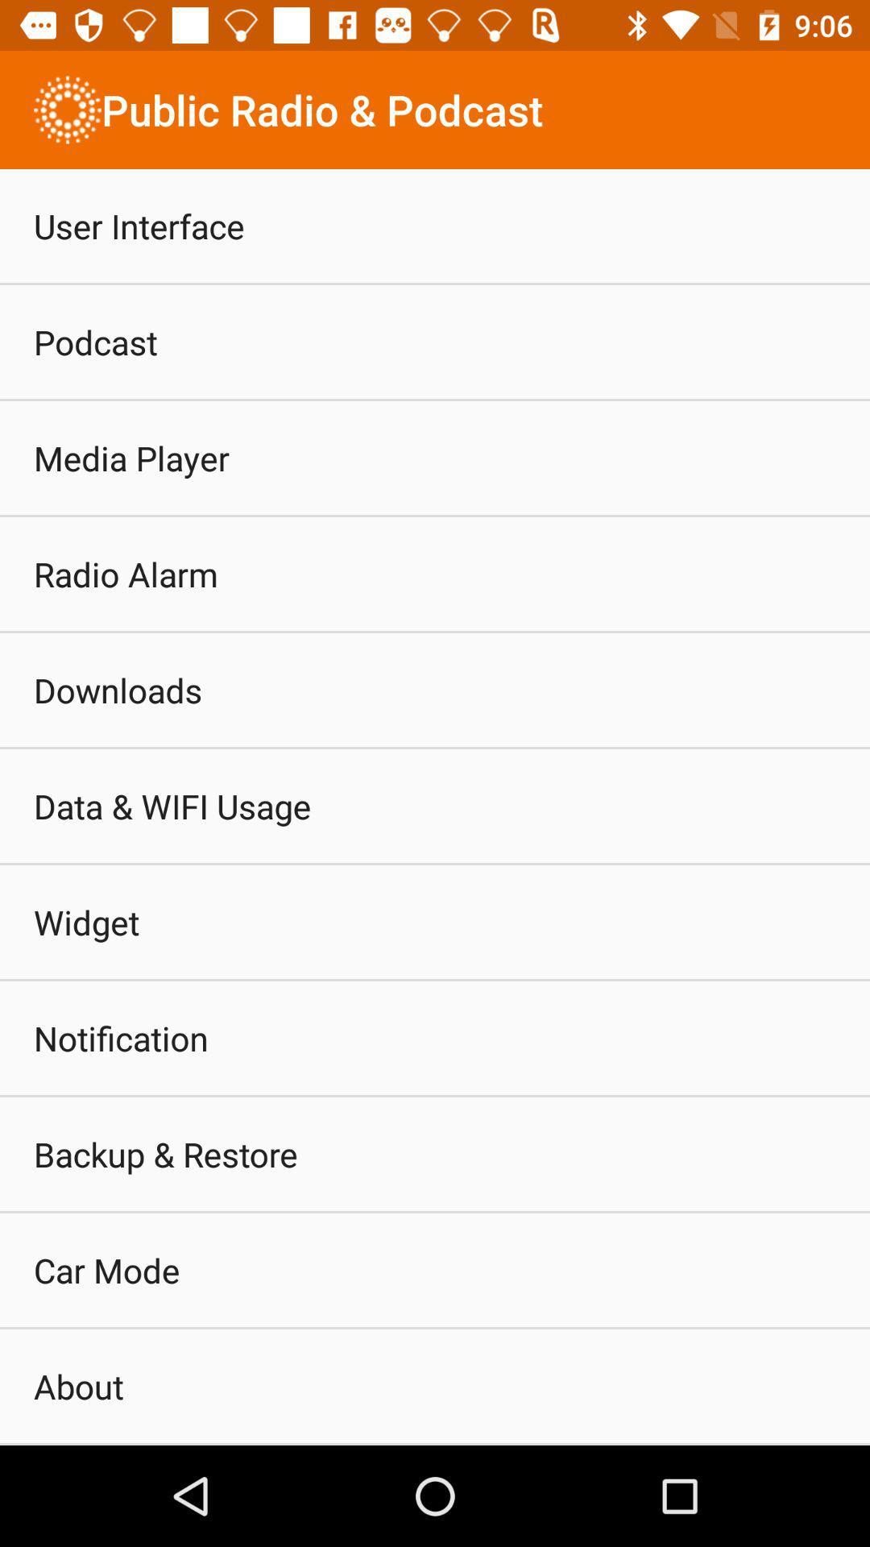 The image size is (870, 1547). What do you see at coordinates (165, 1153) in the screenshot?
I see `the backup & restore icon` at bounding box center [165, 1153].